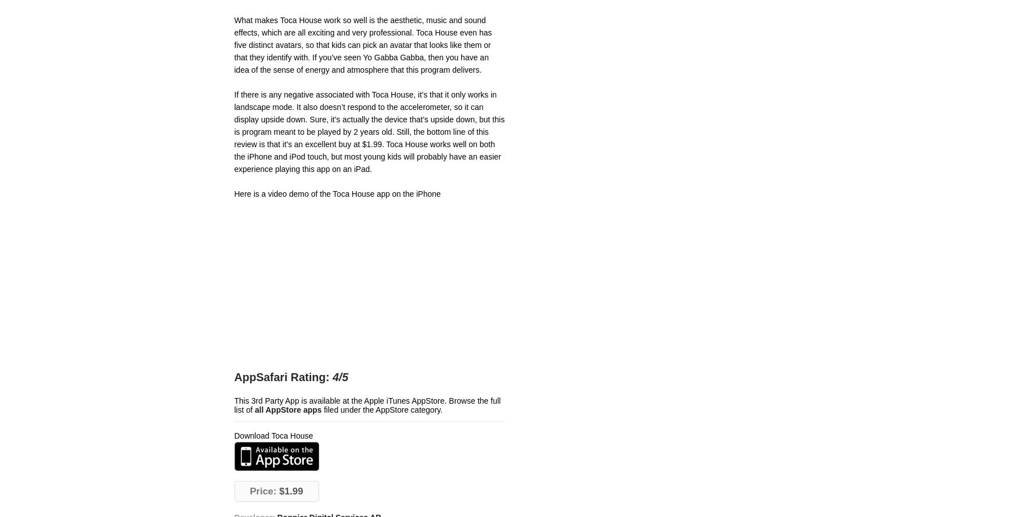 The width and height of the screenshot is (1021, 517). What do you see at coordinates (273, 435) in the screenshot?
I see `'Download Toca House'` at bounding box center [273, 435].